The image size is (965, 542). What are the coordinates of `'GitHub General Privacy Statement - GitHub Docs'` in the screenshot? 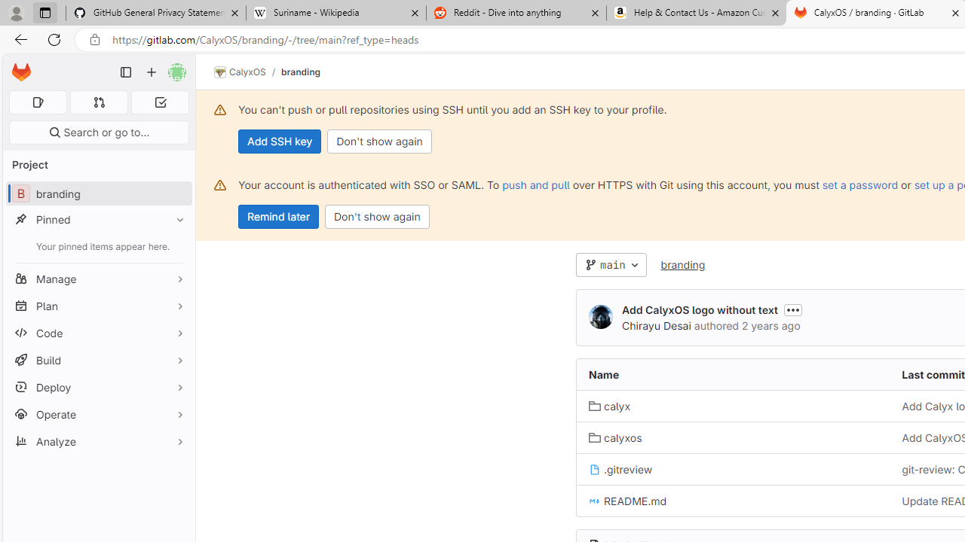 It's located at (156, 13).